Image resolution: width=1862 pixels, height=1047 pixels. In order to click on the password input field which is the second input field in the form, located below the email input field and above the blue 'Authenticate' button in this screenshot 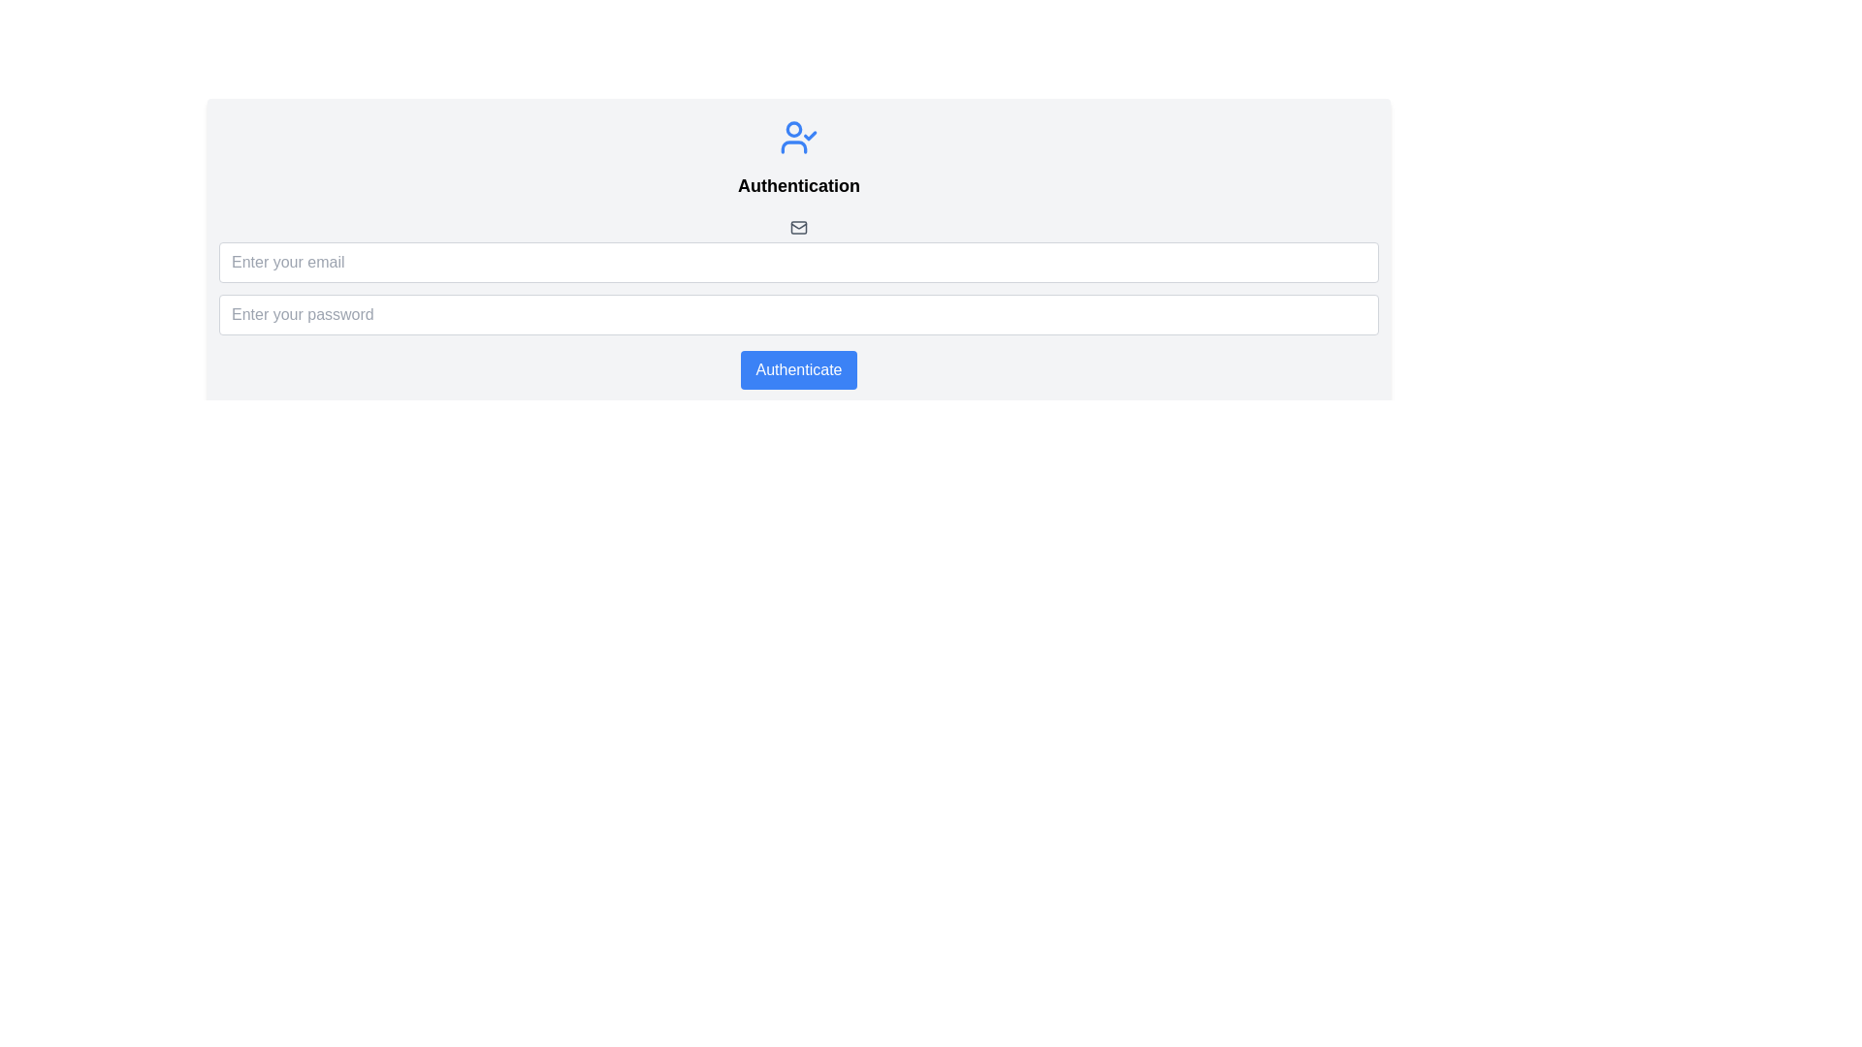, I will do `click(799, 312)`.